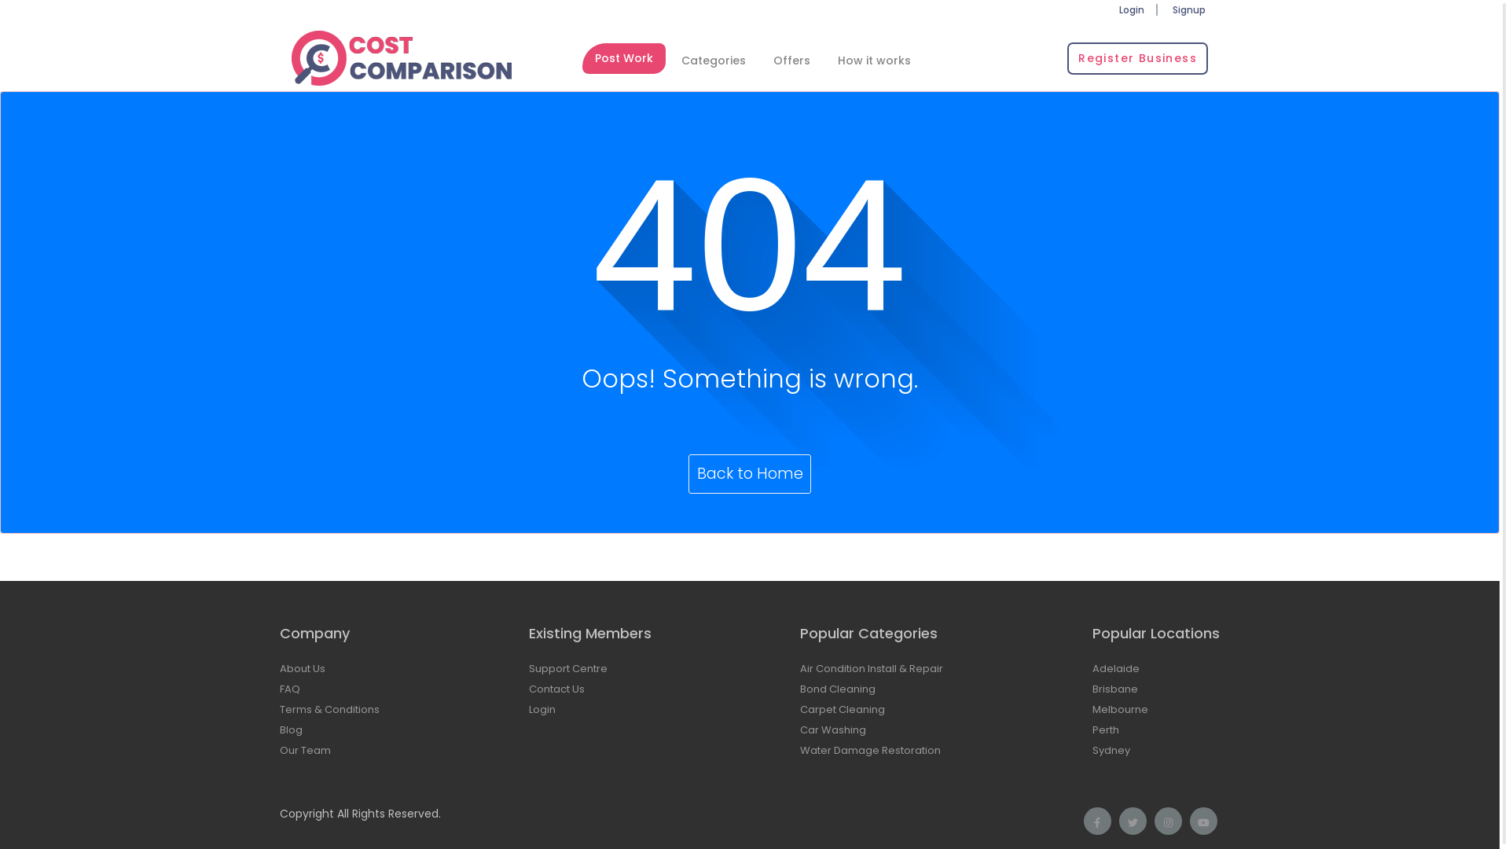  I want to click on 'Back to Home', so click(688, 472).